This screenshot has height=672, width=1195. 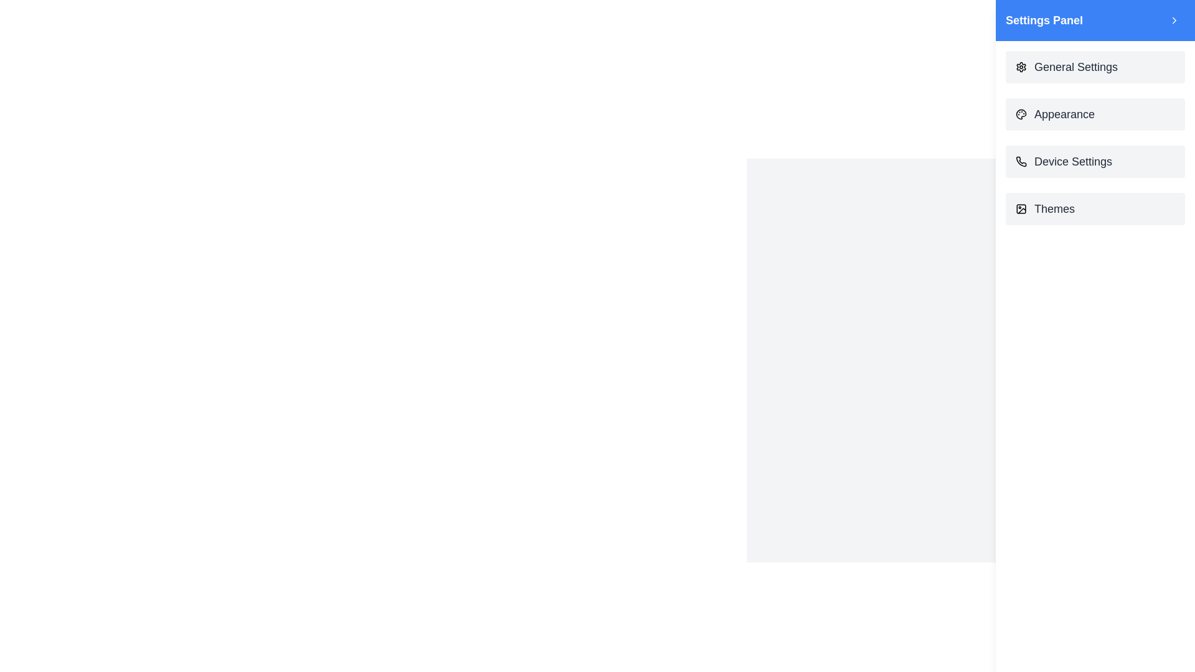 I want to click on the gear-shaped icon representing the settings in the top-right corner of the settings panel, adjacent to the 'General Settings' text, so click(x=1021, y=67).